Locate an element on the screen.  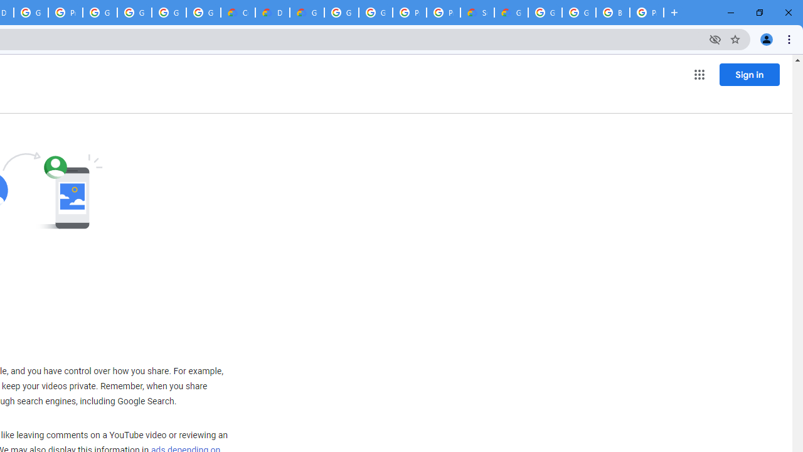
'Google Cloud Service Health' is located at coordinates (511, 13).